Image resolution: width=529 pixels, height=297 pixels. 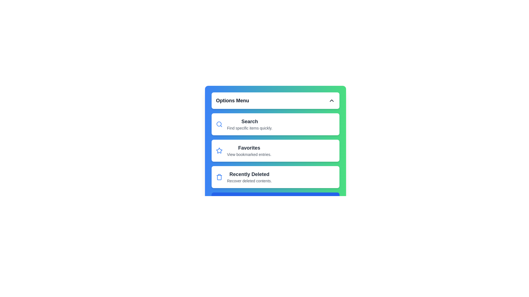 What do you see at coordinates (249, 150) in the screenshot?
I see `the 'Favorites' label in the second card of the options list, which describes access to bookmarked entries` at bounding box center [249, 150].